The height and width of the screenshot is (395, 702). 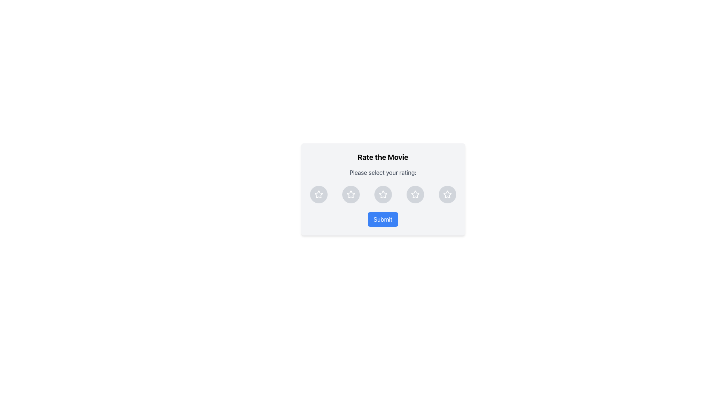 I want to click on the third star icon in the rating selection system, so click(x=350, y=194).